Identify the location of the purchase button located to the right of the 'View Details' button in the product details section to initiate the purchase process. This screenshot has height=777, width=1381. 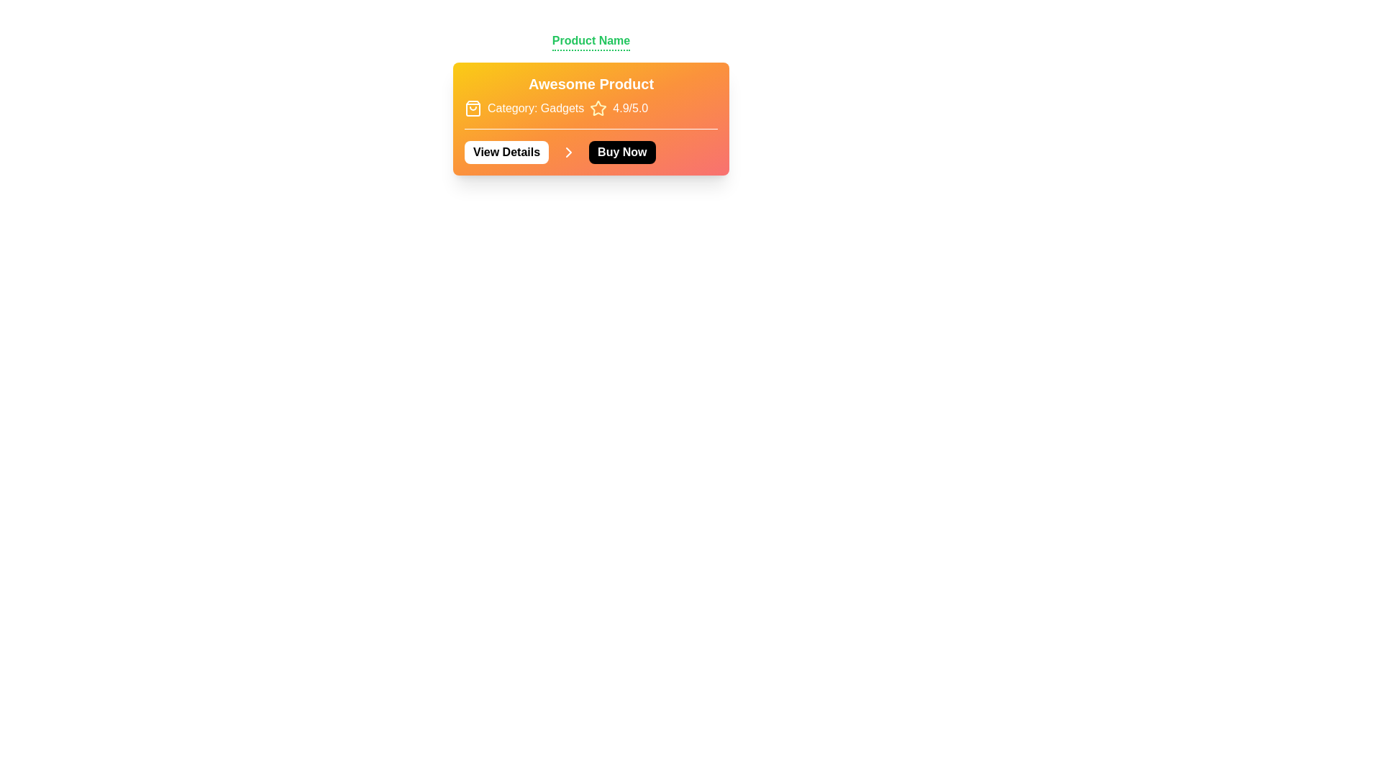
(591, 146).